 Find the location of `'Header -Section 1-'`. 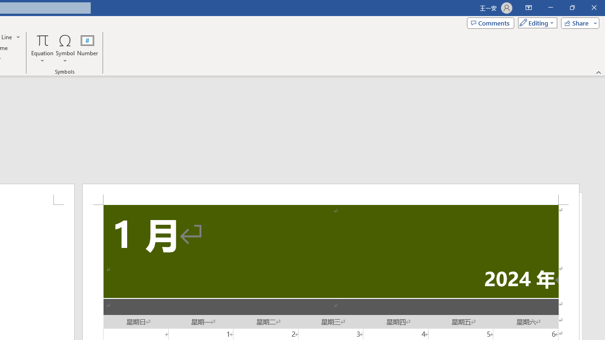

'Header -Section 1-' is located at coordinates (331, 194).